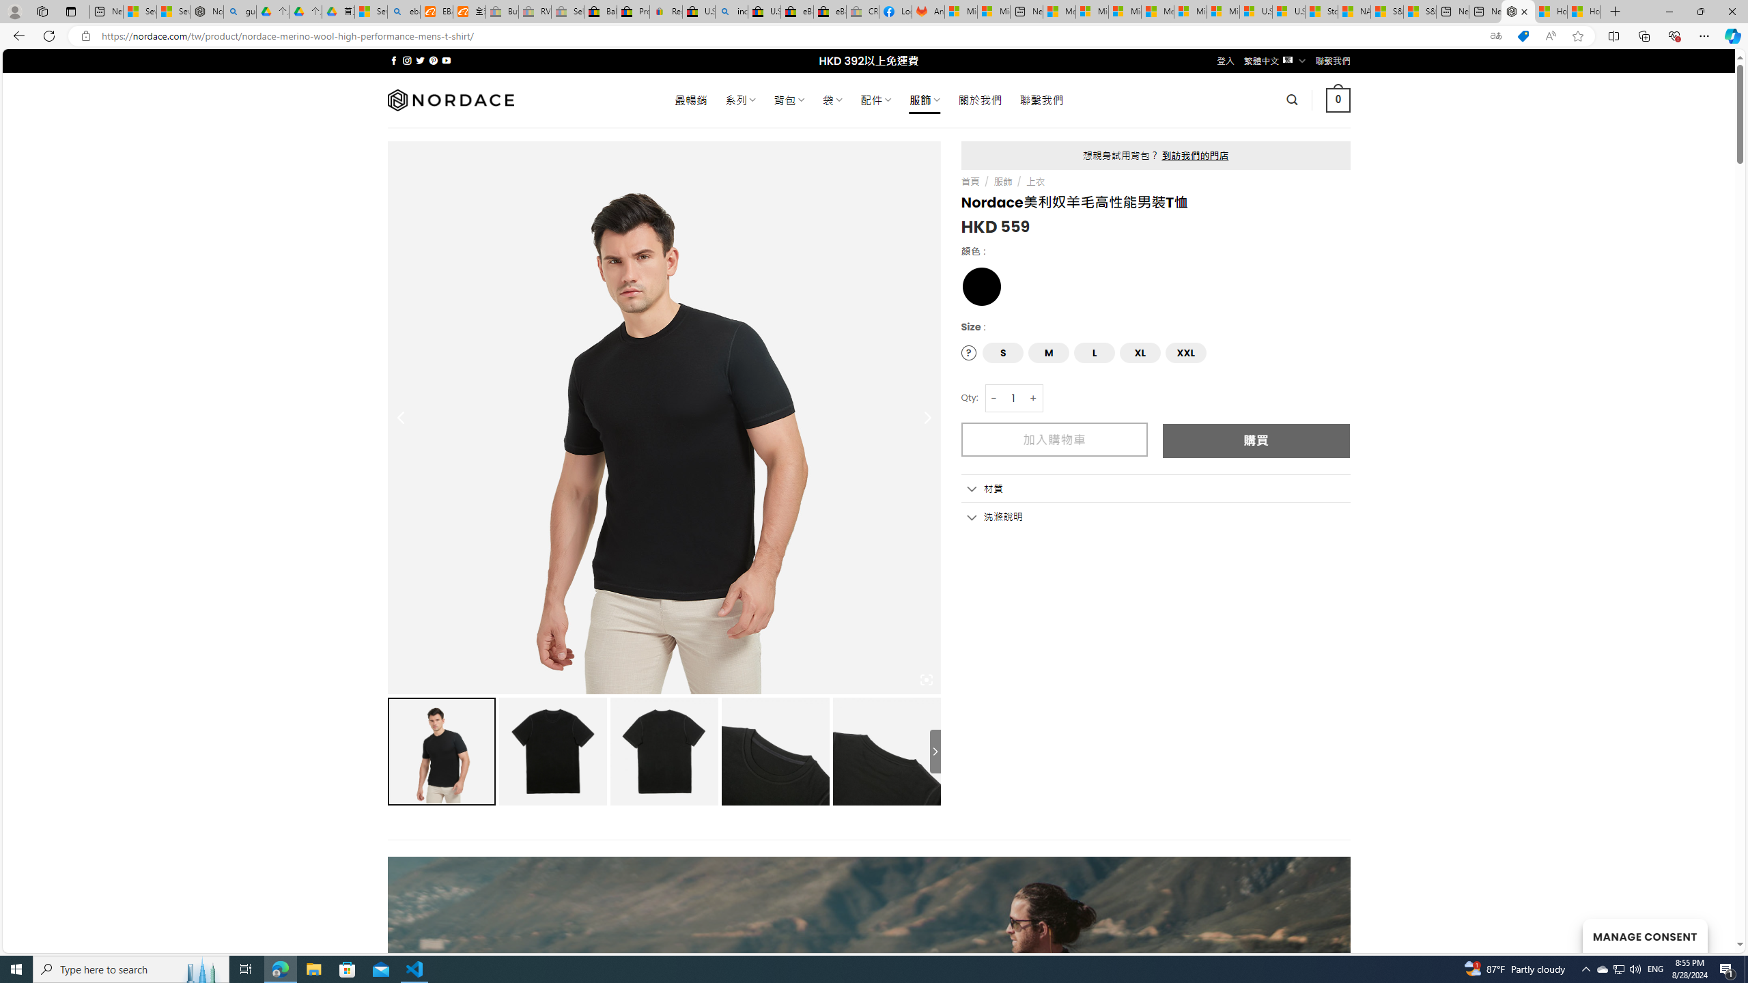 The image size is (1748, 983). I want to click on 'Microsoft account | Home', so click(1124, 11).